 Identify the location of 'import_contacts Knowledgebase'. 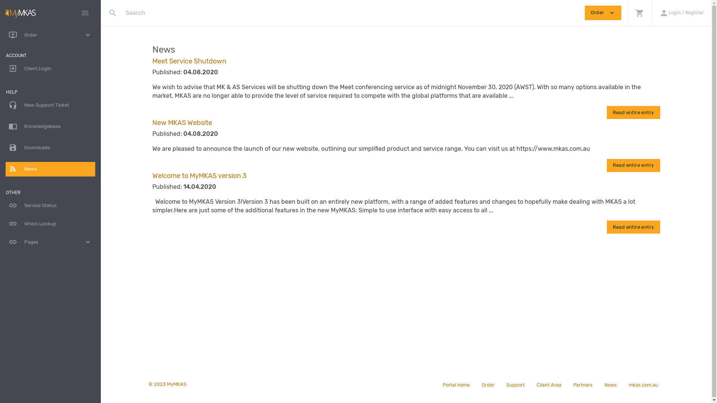
(50, 126).